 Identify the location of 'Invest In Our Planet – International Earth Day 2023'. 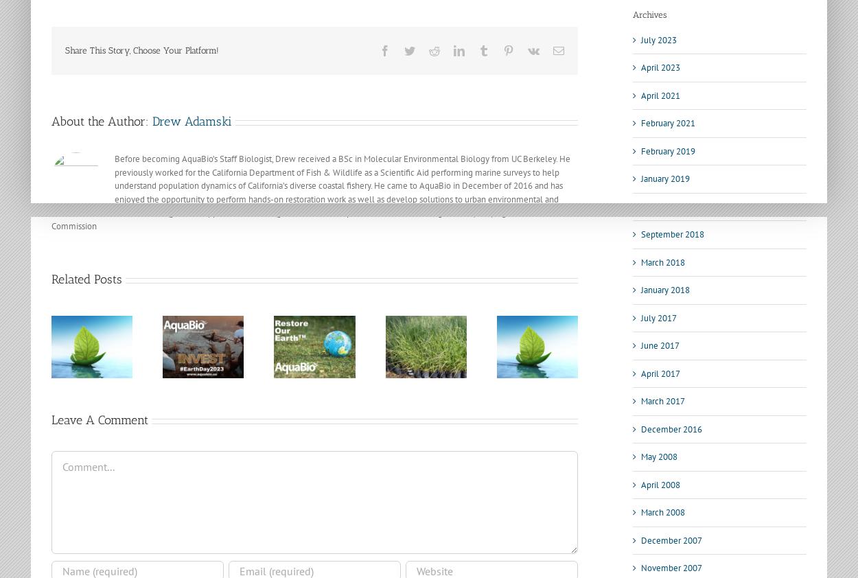
(96, 360).